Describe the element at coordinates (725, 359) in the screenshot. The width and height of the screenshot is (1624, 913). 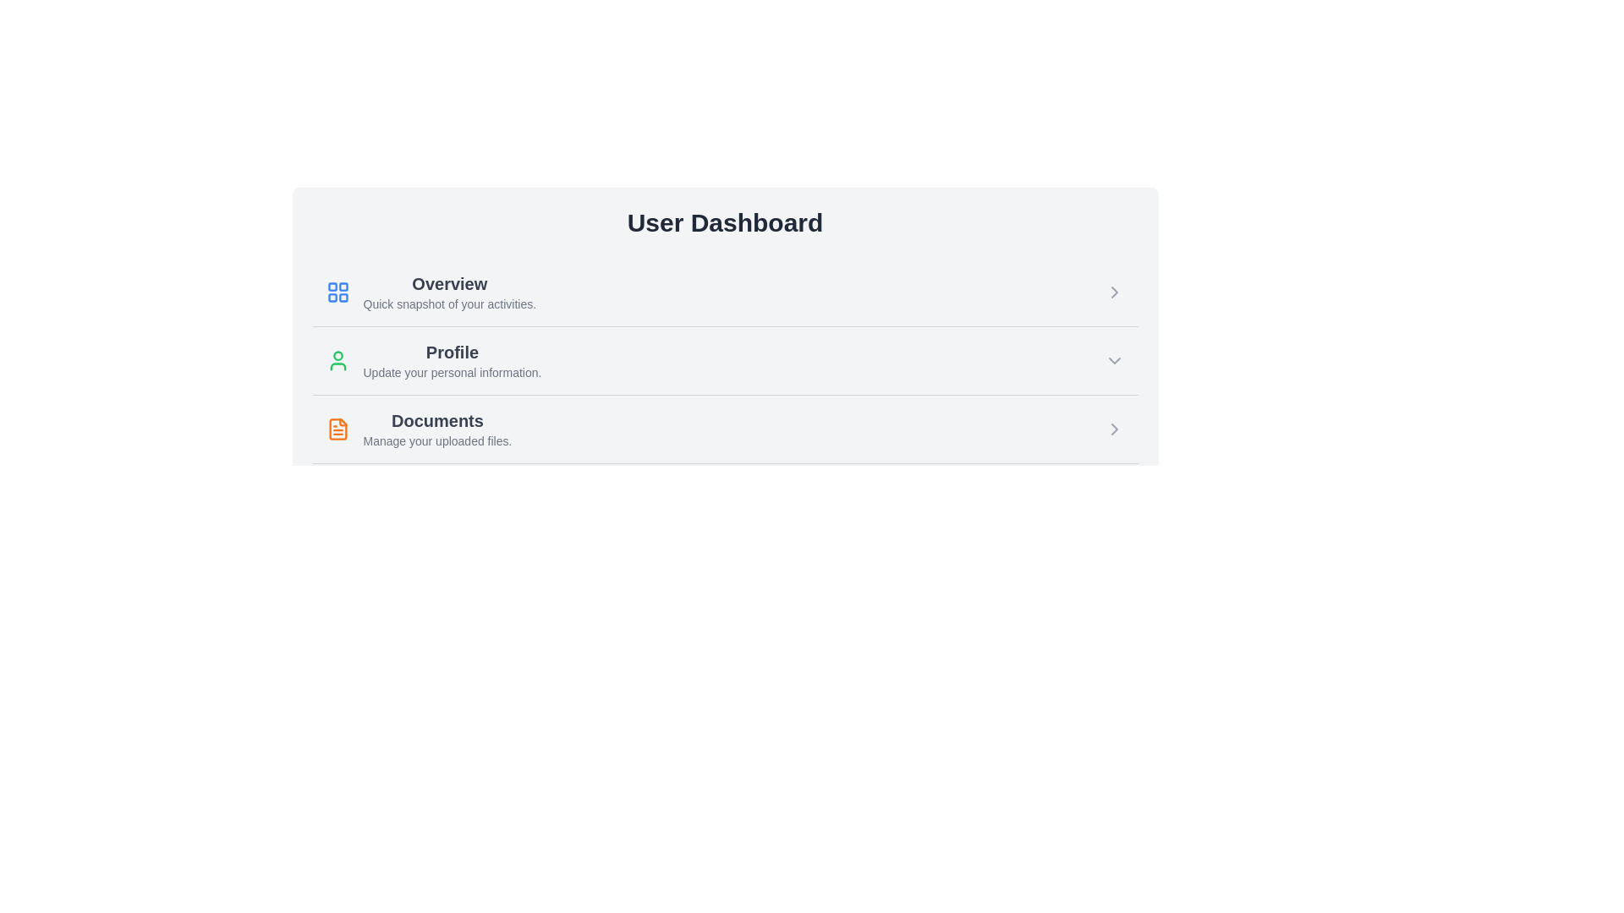
I see `the second menu option in the 'User Dashboard' that navigates to profile management or expands` at that location.